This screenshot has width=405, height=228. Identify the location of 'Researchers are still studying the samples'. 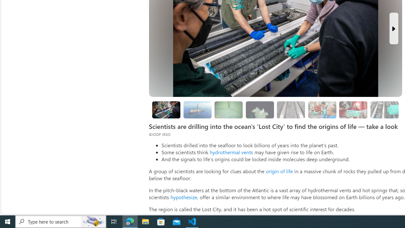
(384, 110).